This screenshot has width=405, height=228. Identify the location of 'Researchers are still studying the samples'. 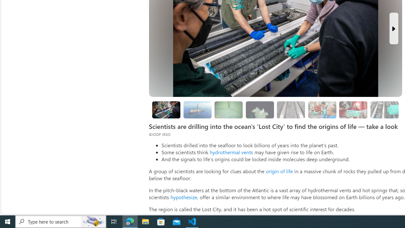
(384, 110).